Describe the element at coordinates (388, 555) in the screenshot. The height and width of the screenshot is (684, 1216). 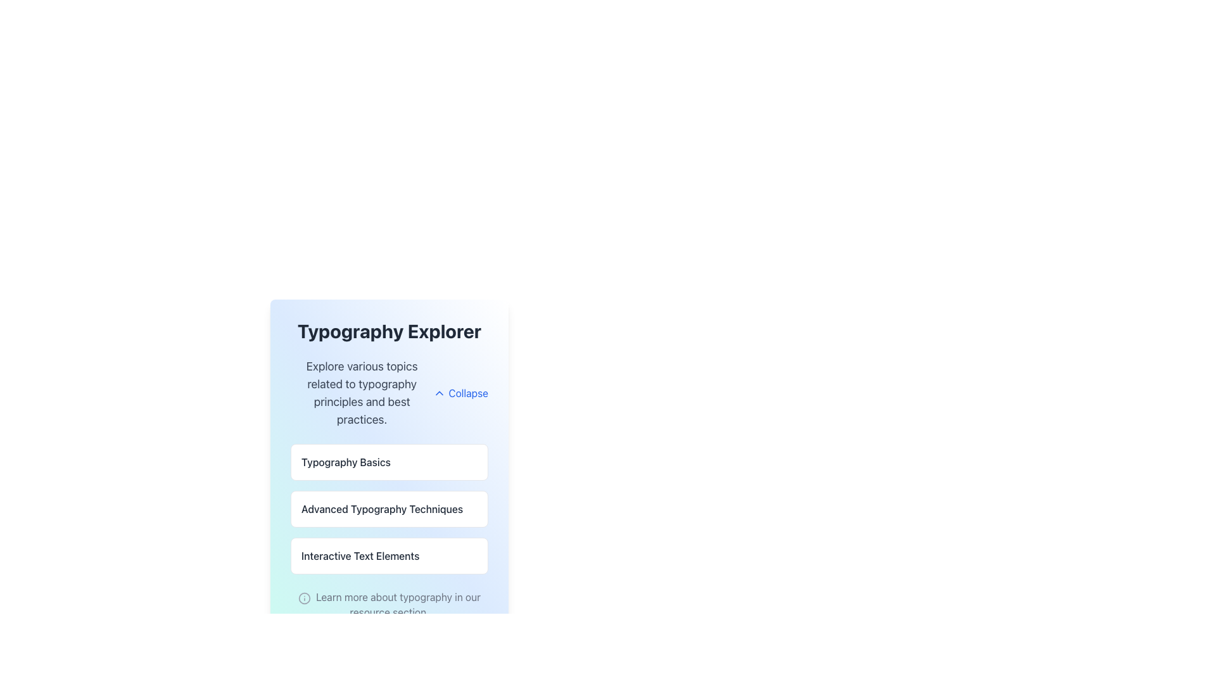
I see `the 'Interactive Text Elements' label, which is the third option in the vertical list under 'Typography Explorer'` at that location.